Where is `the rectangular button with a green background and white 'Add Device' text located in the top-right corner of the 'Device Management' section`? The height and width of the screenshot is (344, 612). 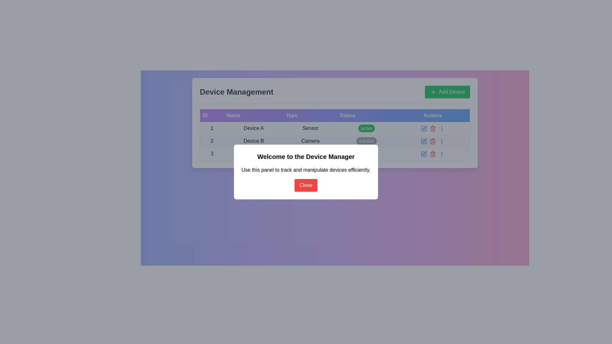 the rectangular button with a green background and white 'Add Device' text located in the top-right corner of the 'Device Management' section is located at coordinates (447, 92).